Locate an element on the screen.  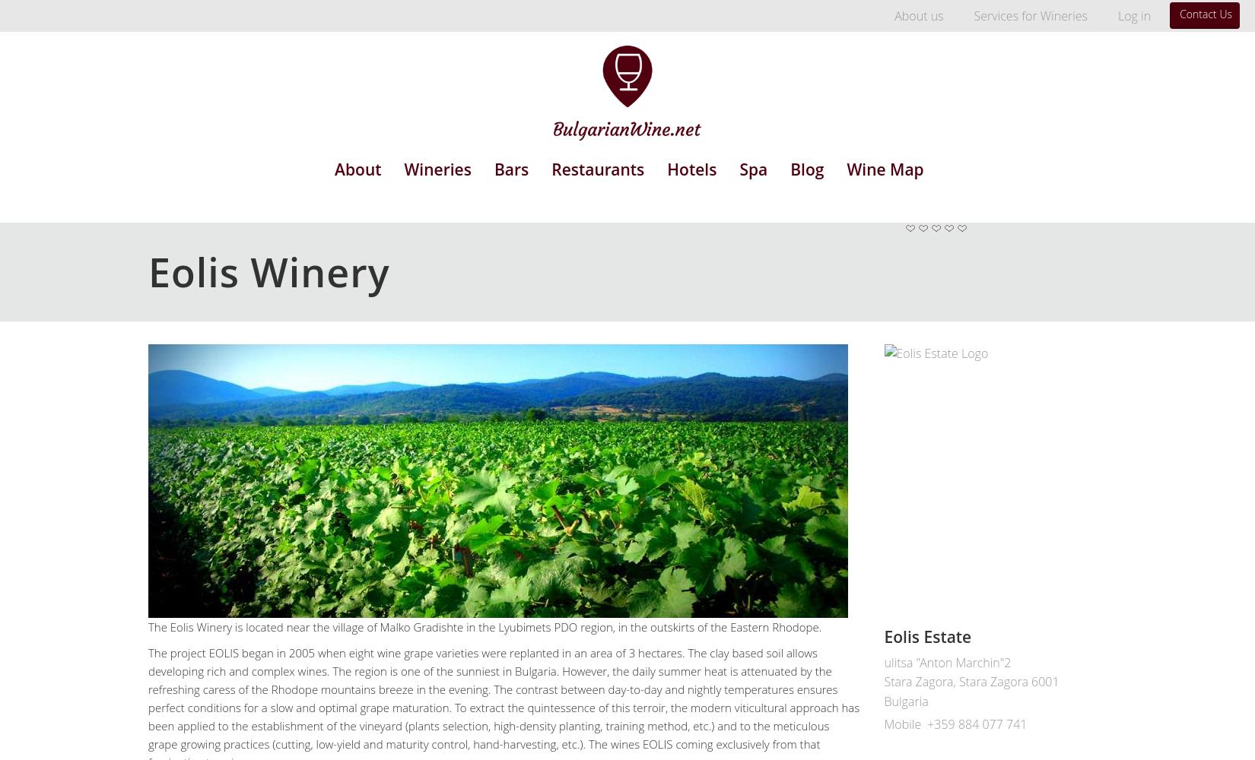
'Eolis Estate' is located at coordinates (927, 635).